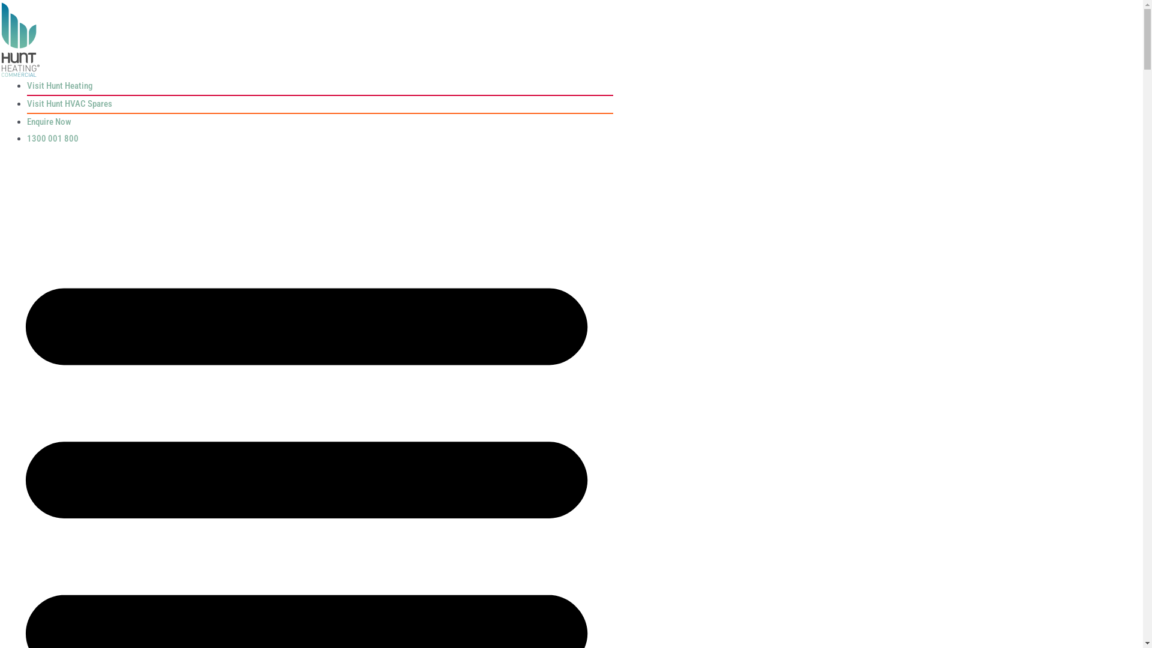 The width and height of the screenshot is (1152, 648). I want to click on 'Visit Hunt HVAC Spares', so click(26, 103).